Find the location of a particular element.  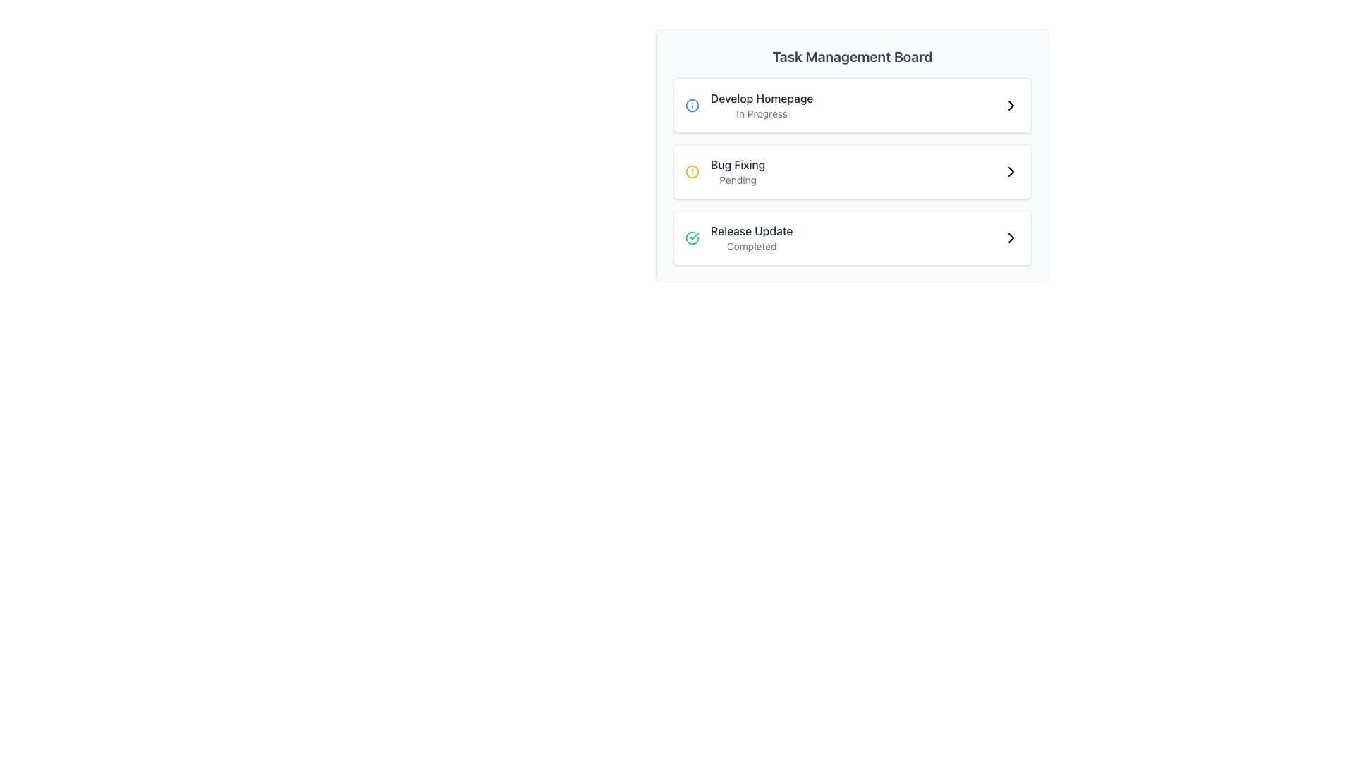

the title 'Develop Homepage' in the task list is located at coordinates (748, 105).